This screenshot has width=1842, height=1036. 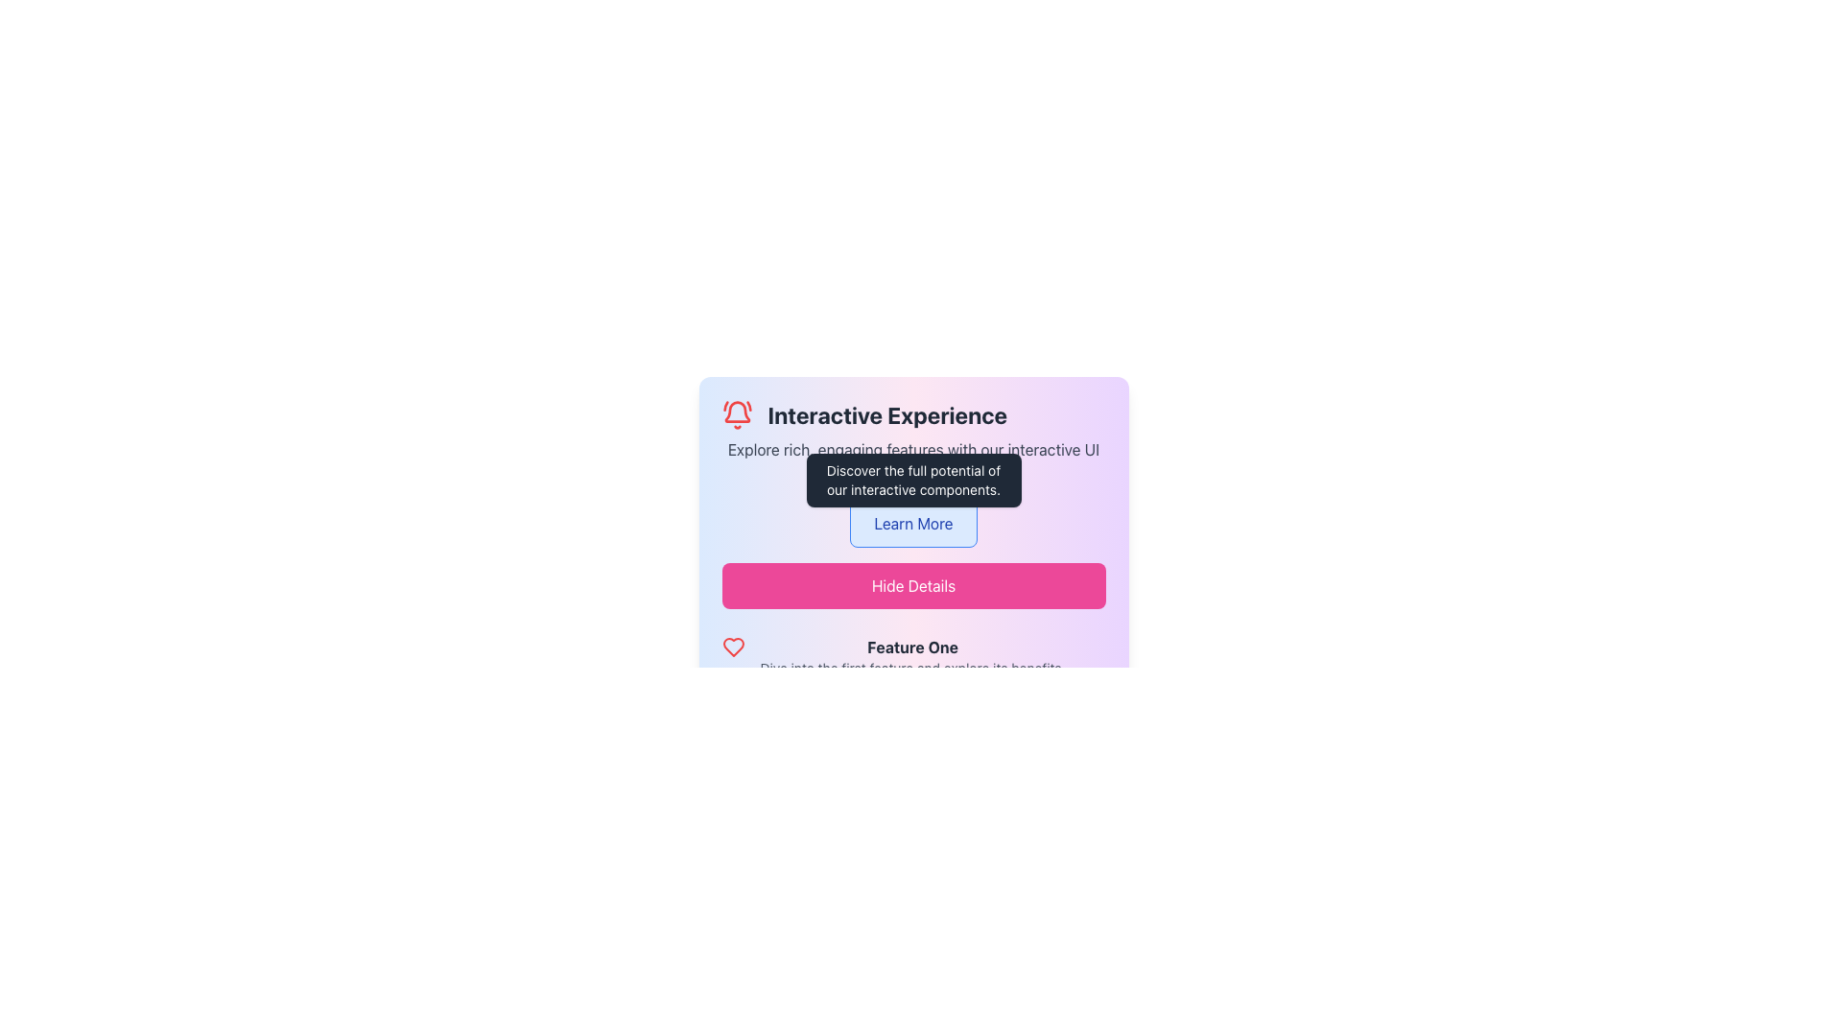 What do you see at coordinates (732, 647) in the screenshot?
I see `the SVG heart icon, which is styled with a red border and signifies favoriting or liking content, located below the title 'Interactive Experience'` at bounding box center [732, 647].